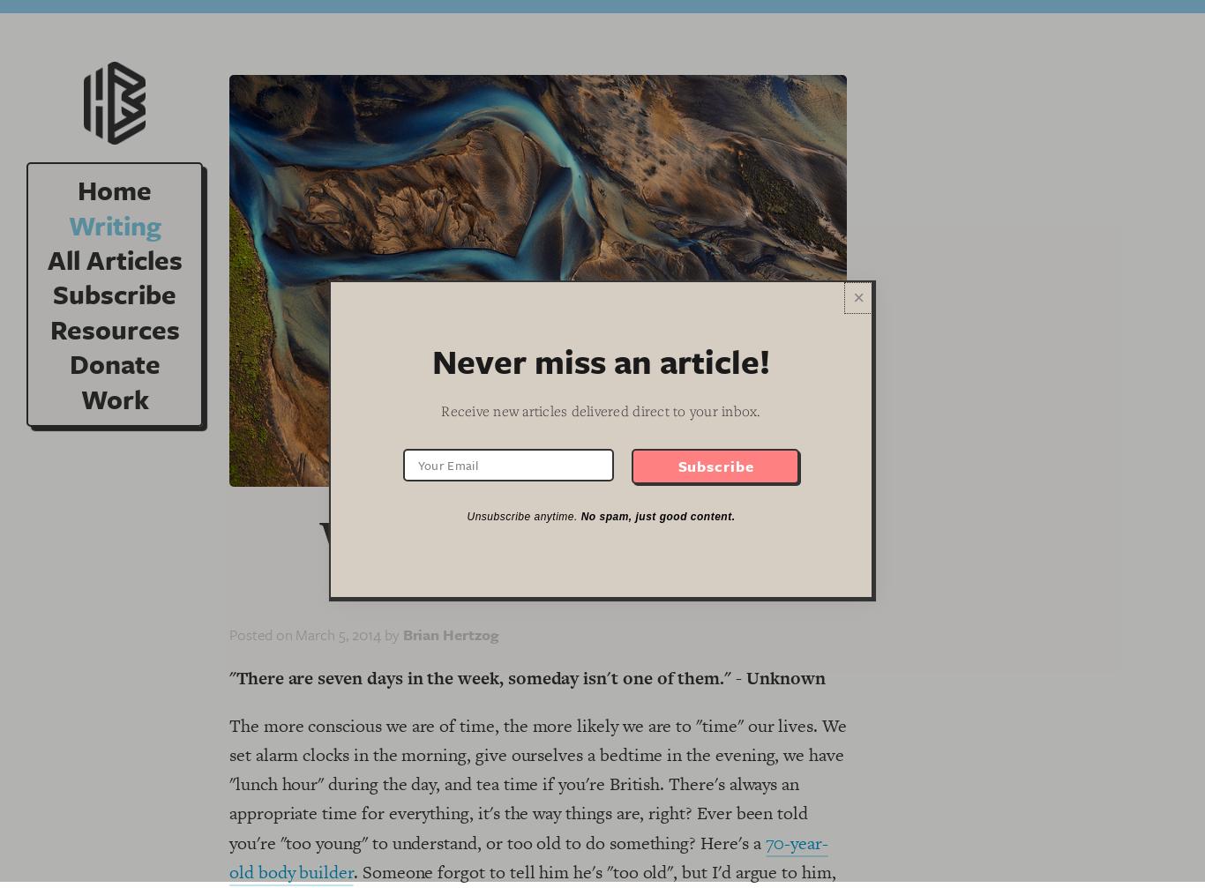 The height and width of the screenshot is (888, 1205). What do you see at coordinates (114, 294) in the screenshot?
I see `'Subscribe'` at bounding box center [114, 294].